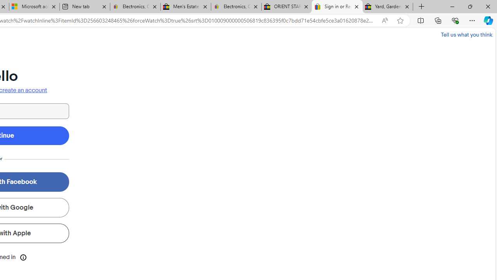  What do you see at coordinates (466, 34) in the screenshot?
I see `'Tell us what you think - Link opens in a new window'` at bounding box center [466, 34].